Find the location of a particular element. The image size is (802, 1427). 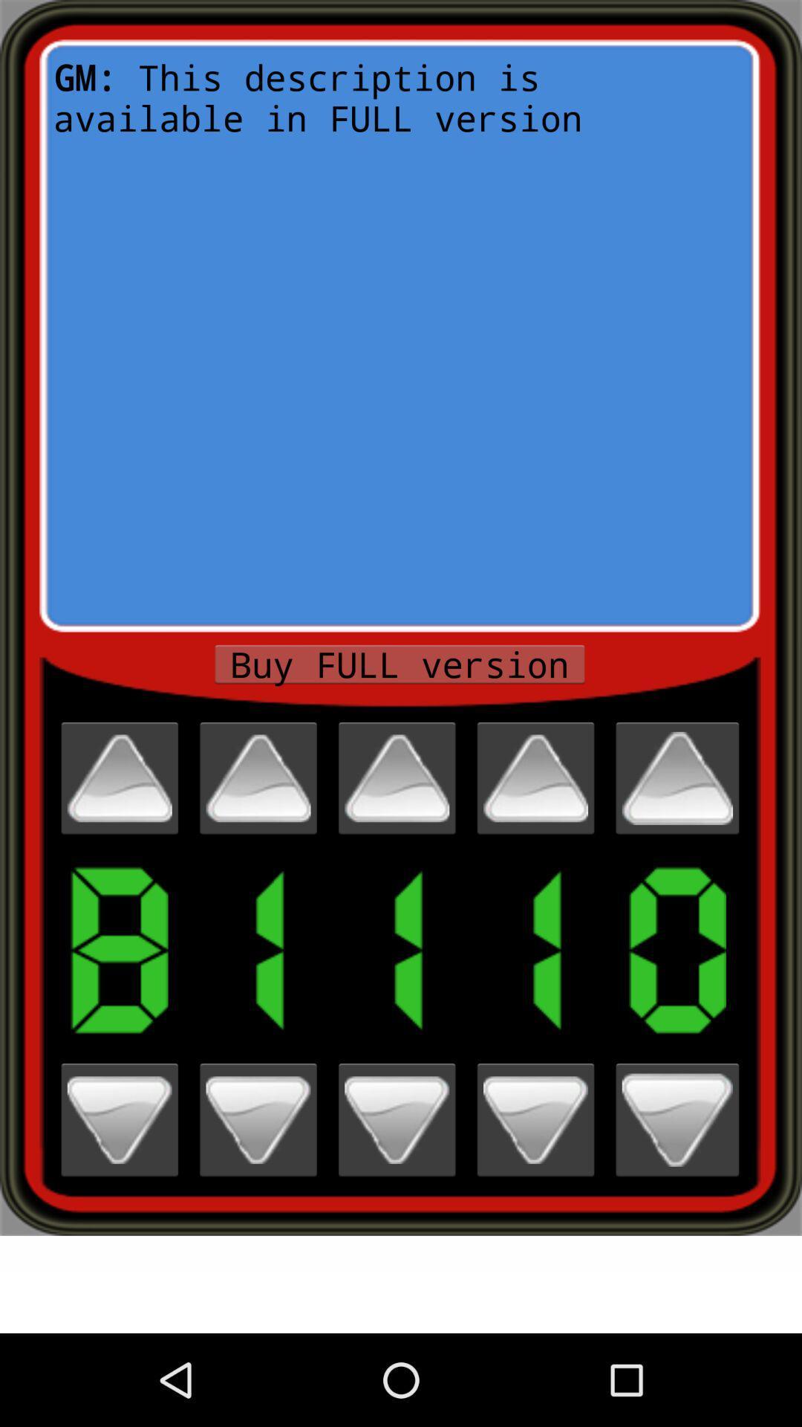

raise number is located at coordinates (535, 777).